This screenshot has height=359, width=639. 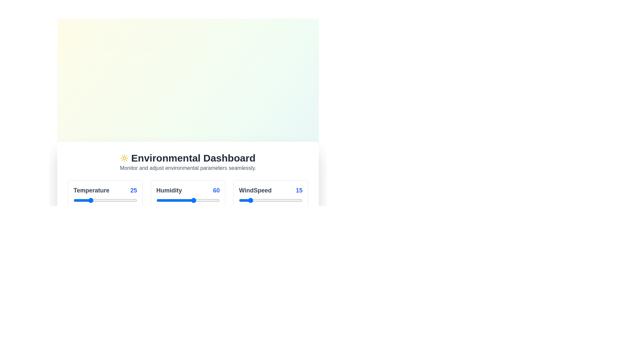 I want to click on the Wind Speed slider, so click(x=273, y=200).